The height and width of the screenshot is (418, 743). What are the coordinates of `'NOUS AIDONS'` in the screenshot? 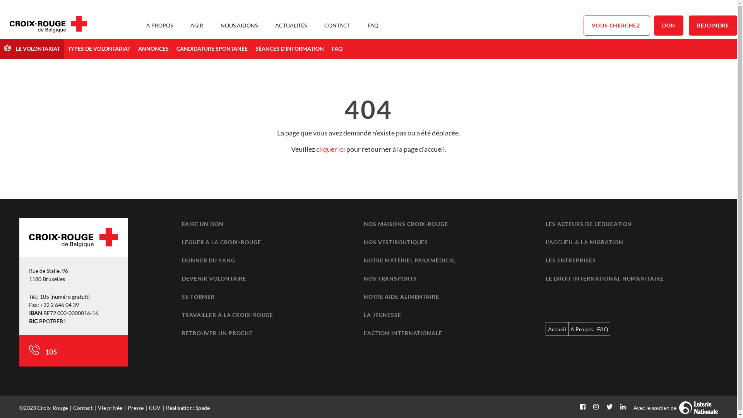 It's located at (239, 25).